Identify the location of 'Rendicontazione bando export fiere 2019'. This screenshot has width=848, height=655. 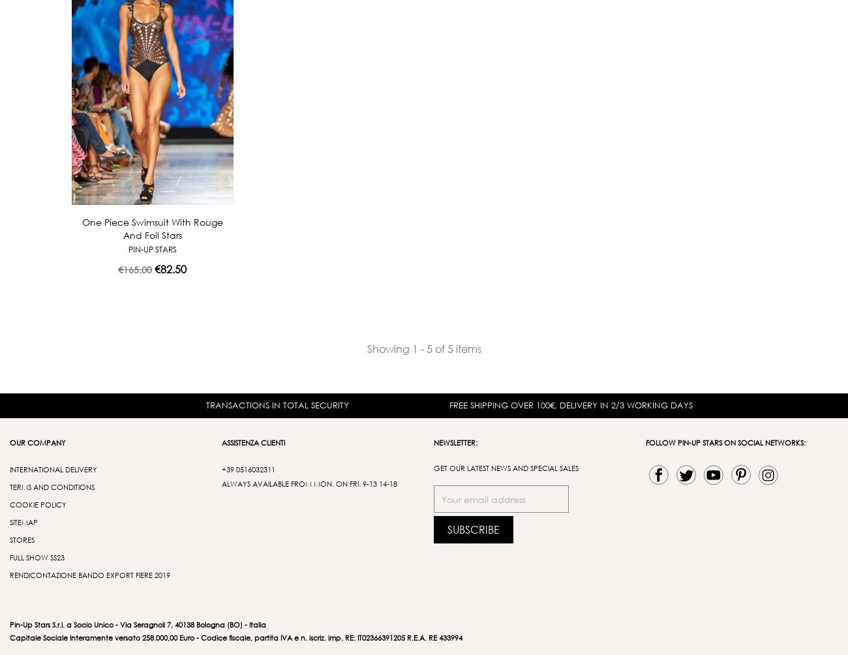
(89, 575).